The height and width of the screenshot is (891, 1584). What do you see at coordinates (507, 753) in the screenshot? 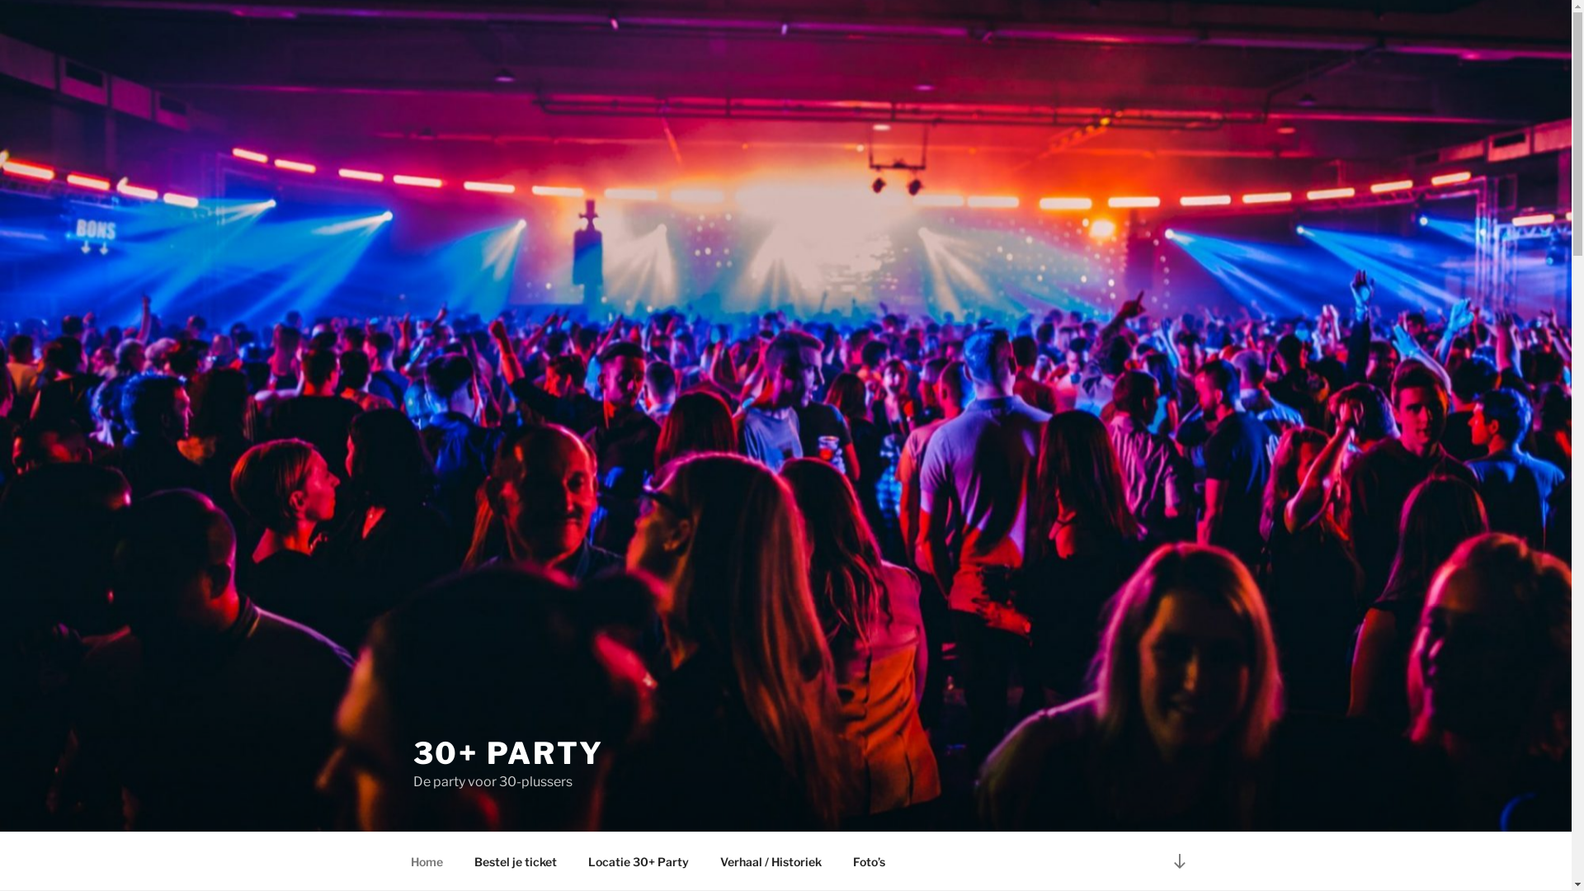
I see `'30+ PARTY'` at bounding box center [507, 753].